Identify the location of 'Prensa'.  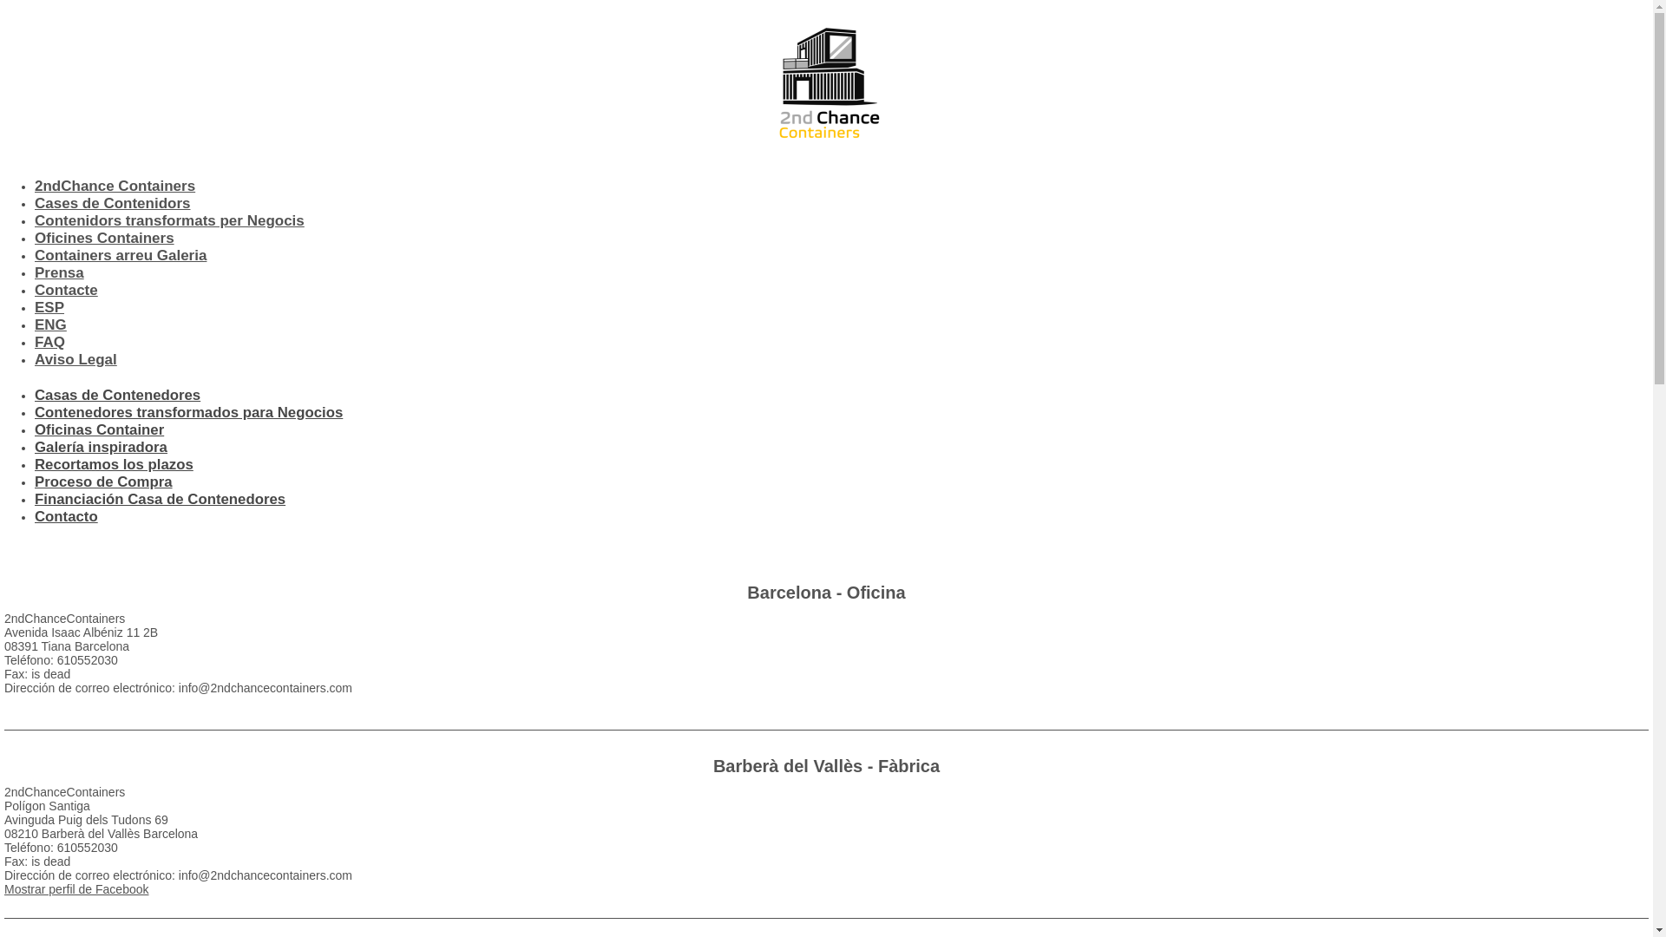
(59, 272).